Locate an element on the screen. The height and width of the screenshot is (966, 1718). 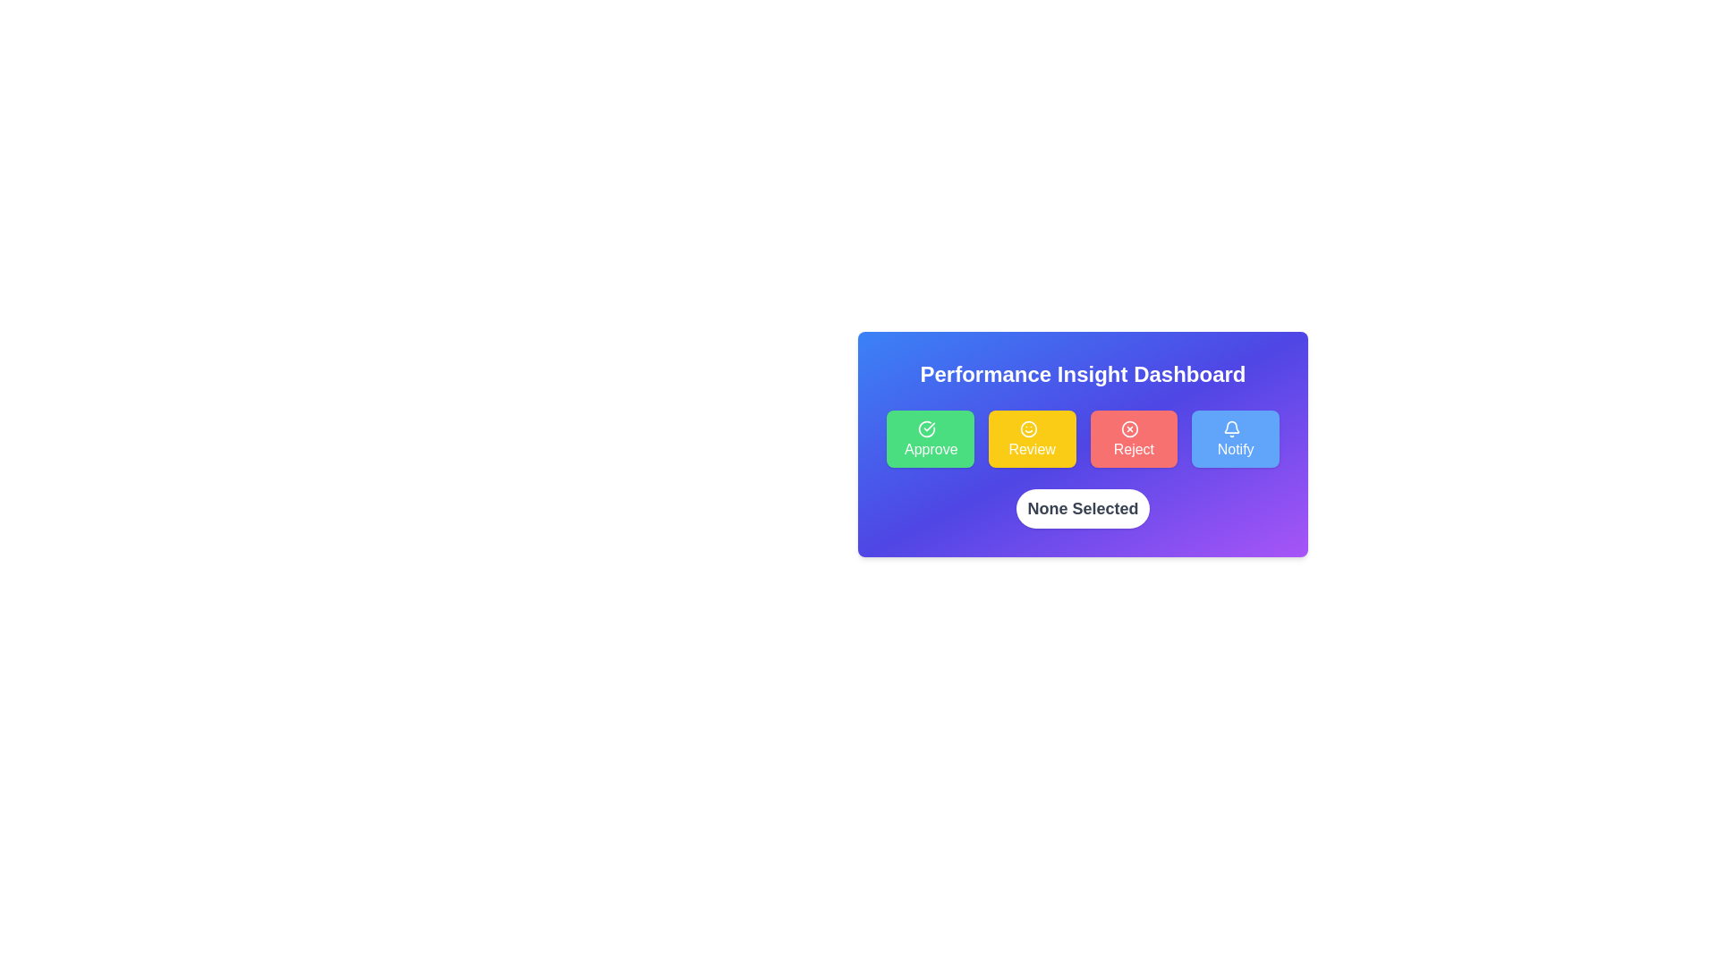
the icon located within the 'Approve' button is located at coordinates (926, 428).